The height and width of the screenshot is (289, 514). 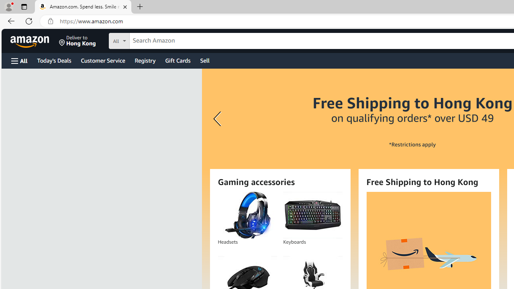 What do you see at coordinates (19, 60) in the screenshot?
I see `'Open Menu'` at bounding box center [19, 60].